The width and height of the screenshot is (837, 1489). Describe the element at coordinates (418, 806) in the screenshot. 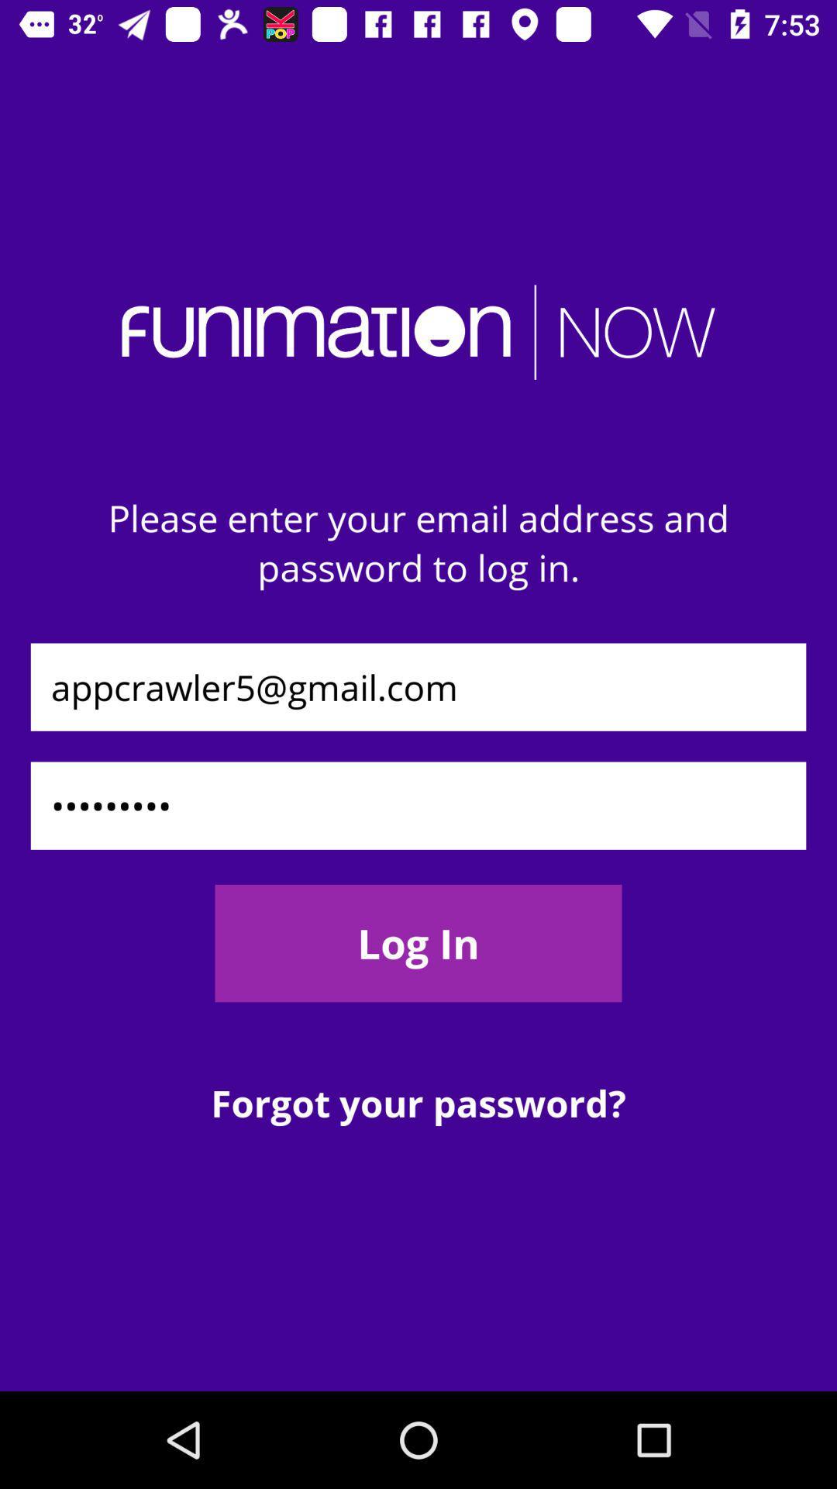

I see `the icon below appcrawler5@gmail.com item` at that location.